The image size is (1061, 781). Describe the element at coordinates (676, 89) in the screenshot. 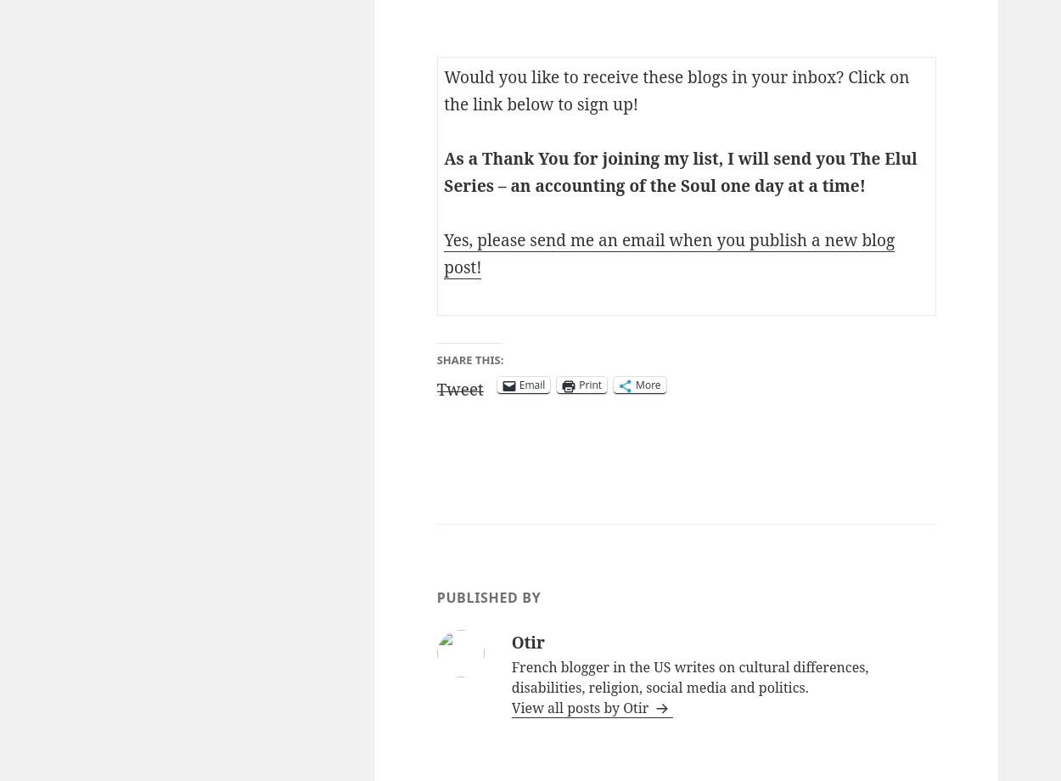

I see `'Would you like to receive these blogs in your inbox? Click on the link below to sign up!'` at that location.